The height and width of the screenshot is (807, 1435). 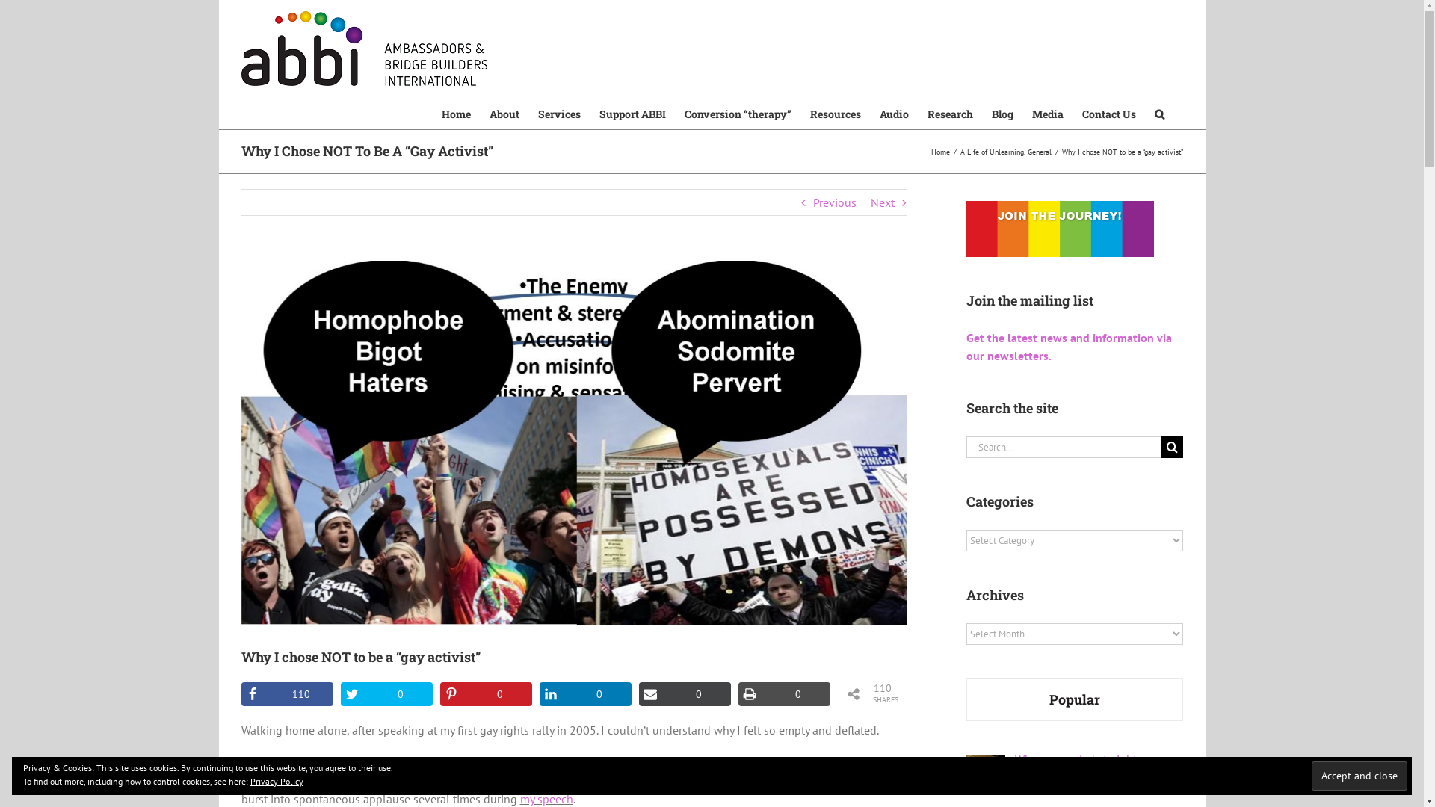 I want to click on 'Research', so click(x=948, y=112).